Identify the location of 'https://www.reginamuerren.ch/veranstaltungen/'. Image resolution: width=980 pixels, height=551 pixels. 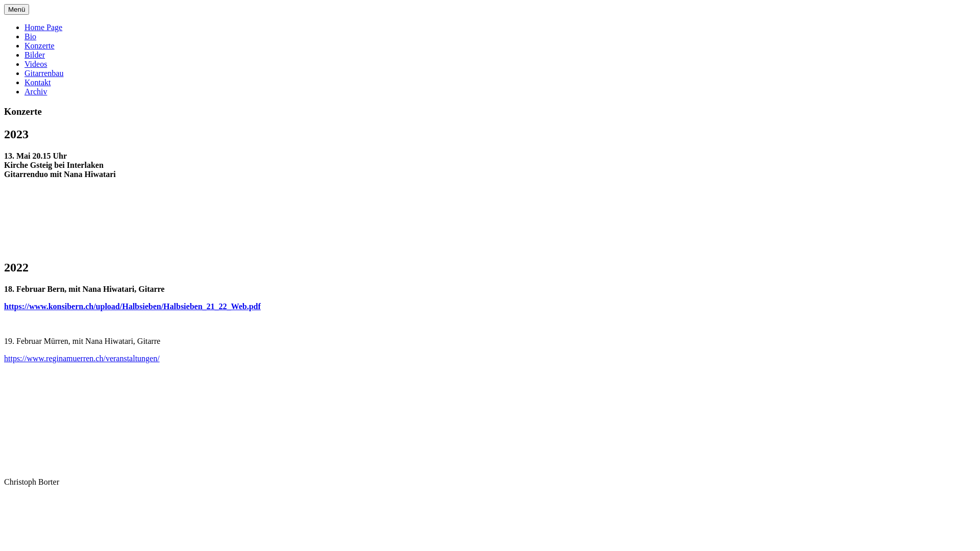
(82, 358).